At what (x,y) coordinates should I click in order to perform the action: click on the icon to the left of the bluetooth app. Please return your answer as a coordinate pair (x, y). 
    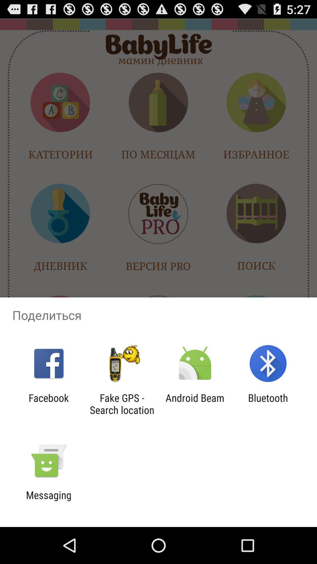
    Looking at the image, I should click on (195, 404).